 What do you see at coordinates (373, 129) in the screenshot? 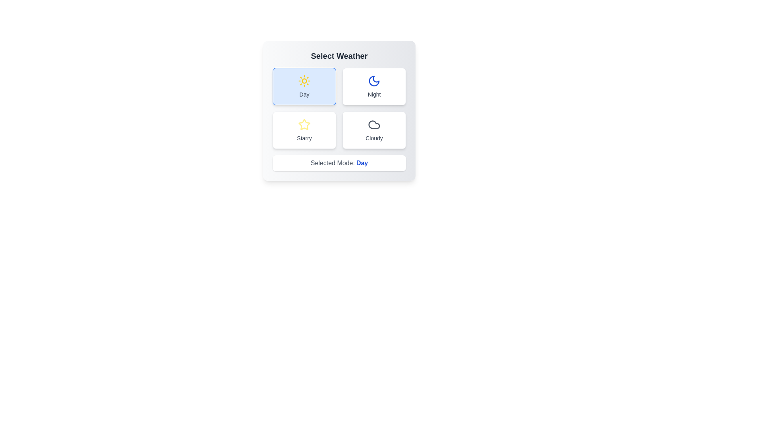
I see `the button labeled Cloudy to observe the hover effect` at bounding box center [373, 129].